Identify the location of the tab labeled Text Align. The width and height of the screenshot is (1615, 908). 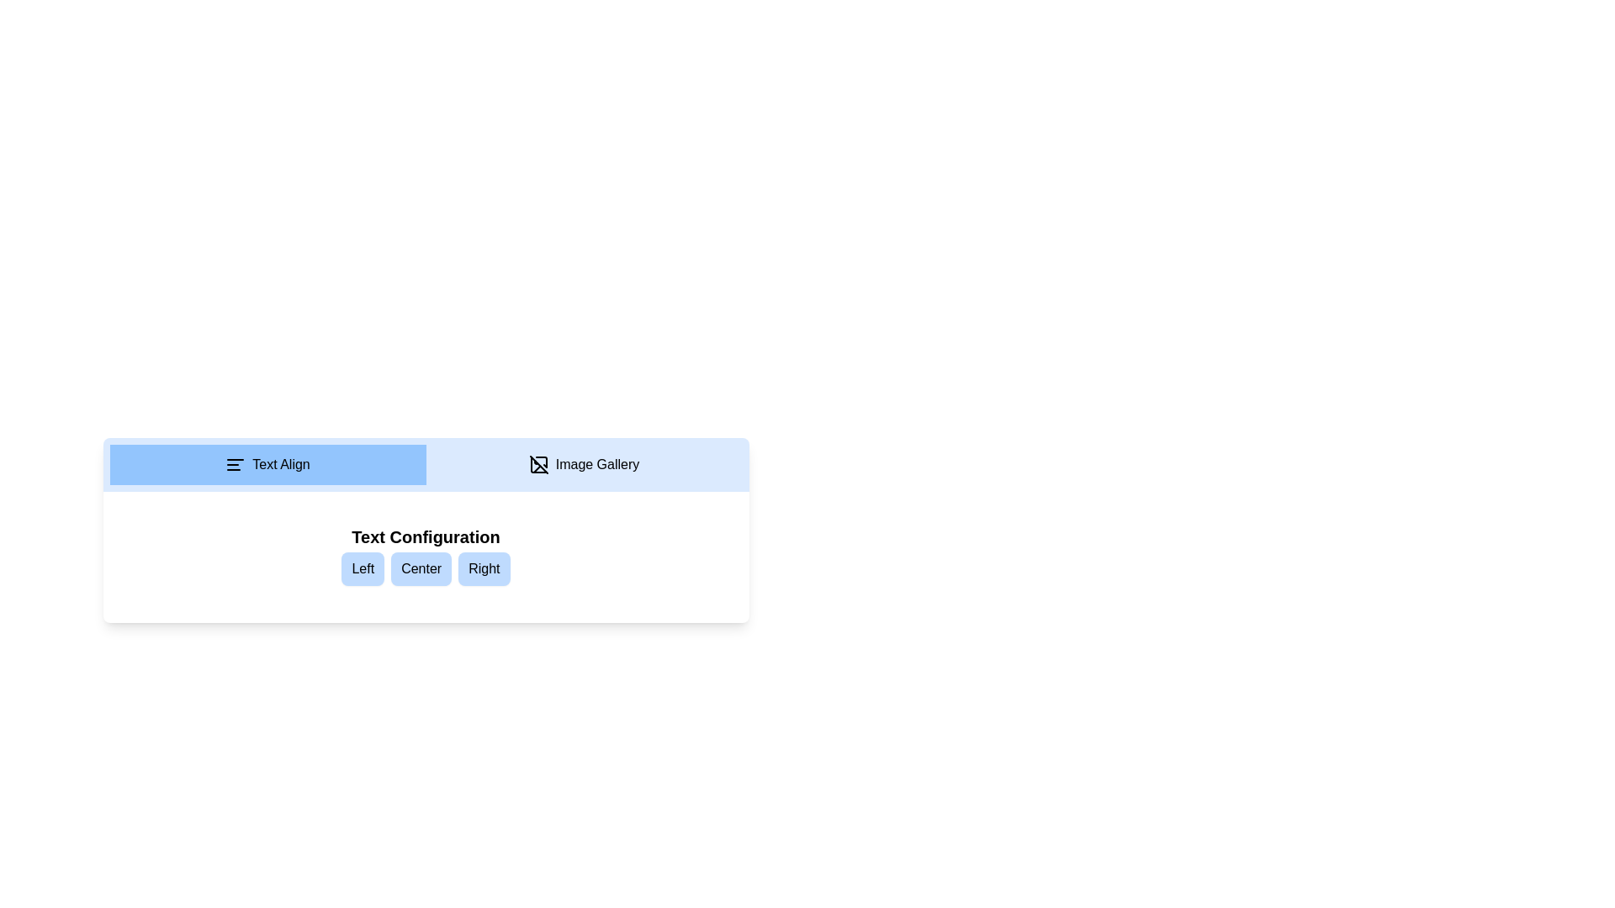
(267, 464).